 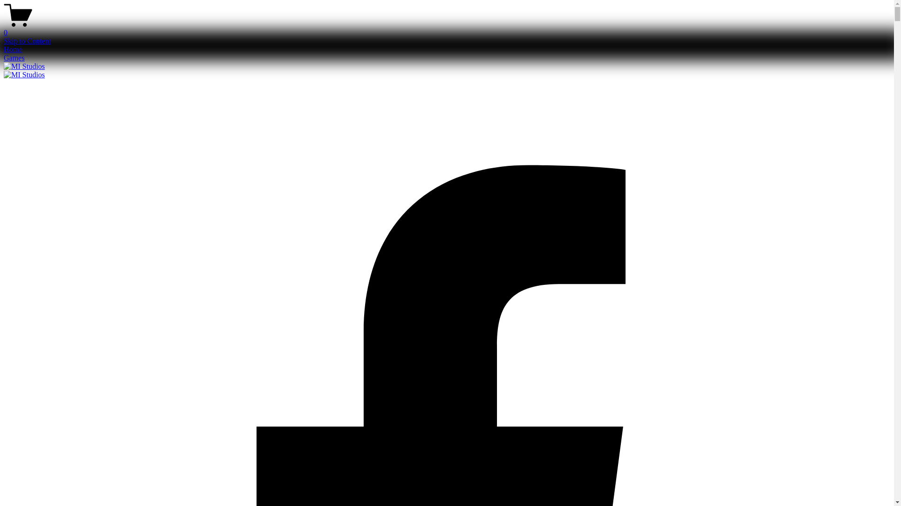 I want to click on 'Skip to Content', so click(x=27, y=40).